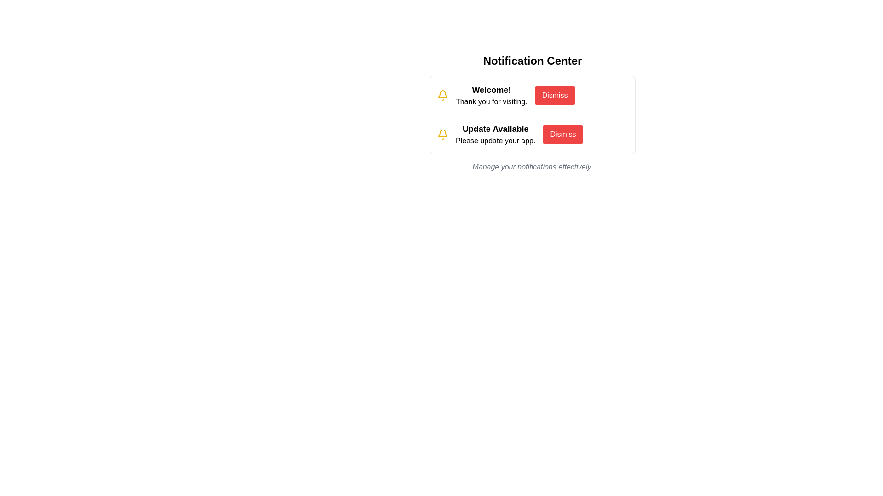  What do you see at coordinates (532, 61) in the screenshot?
I see `the static heading or title text at the top of the notification center, which indicates the purpose or content of the section` at bounding box center [532, 61].